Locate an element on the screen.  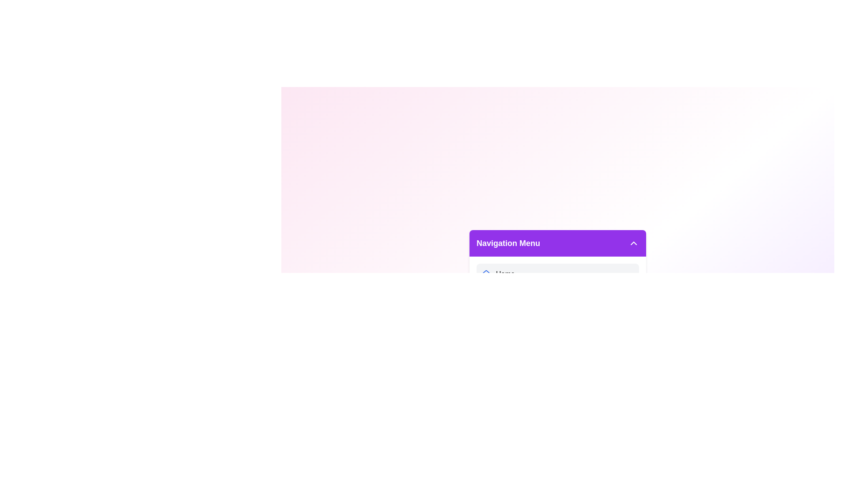
the blue house-shaped icon located to the left of the 'Home' text in the menu item is located at coordinates (485, 274).